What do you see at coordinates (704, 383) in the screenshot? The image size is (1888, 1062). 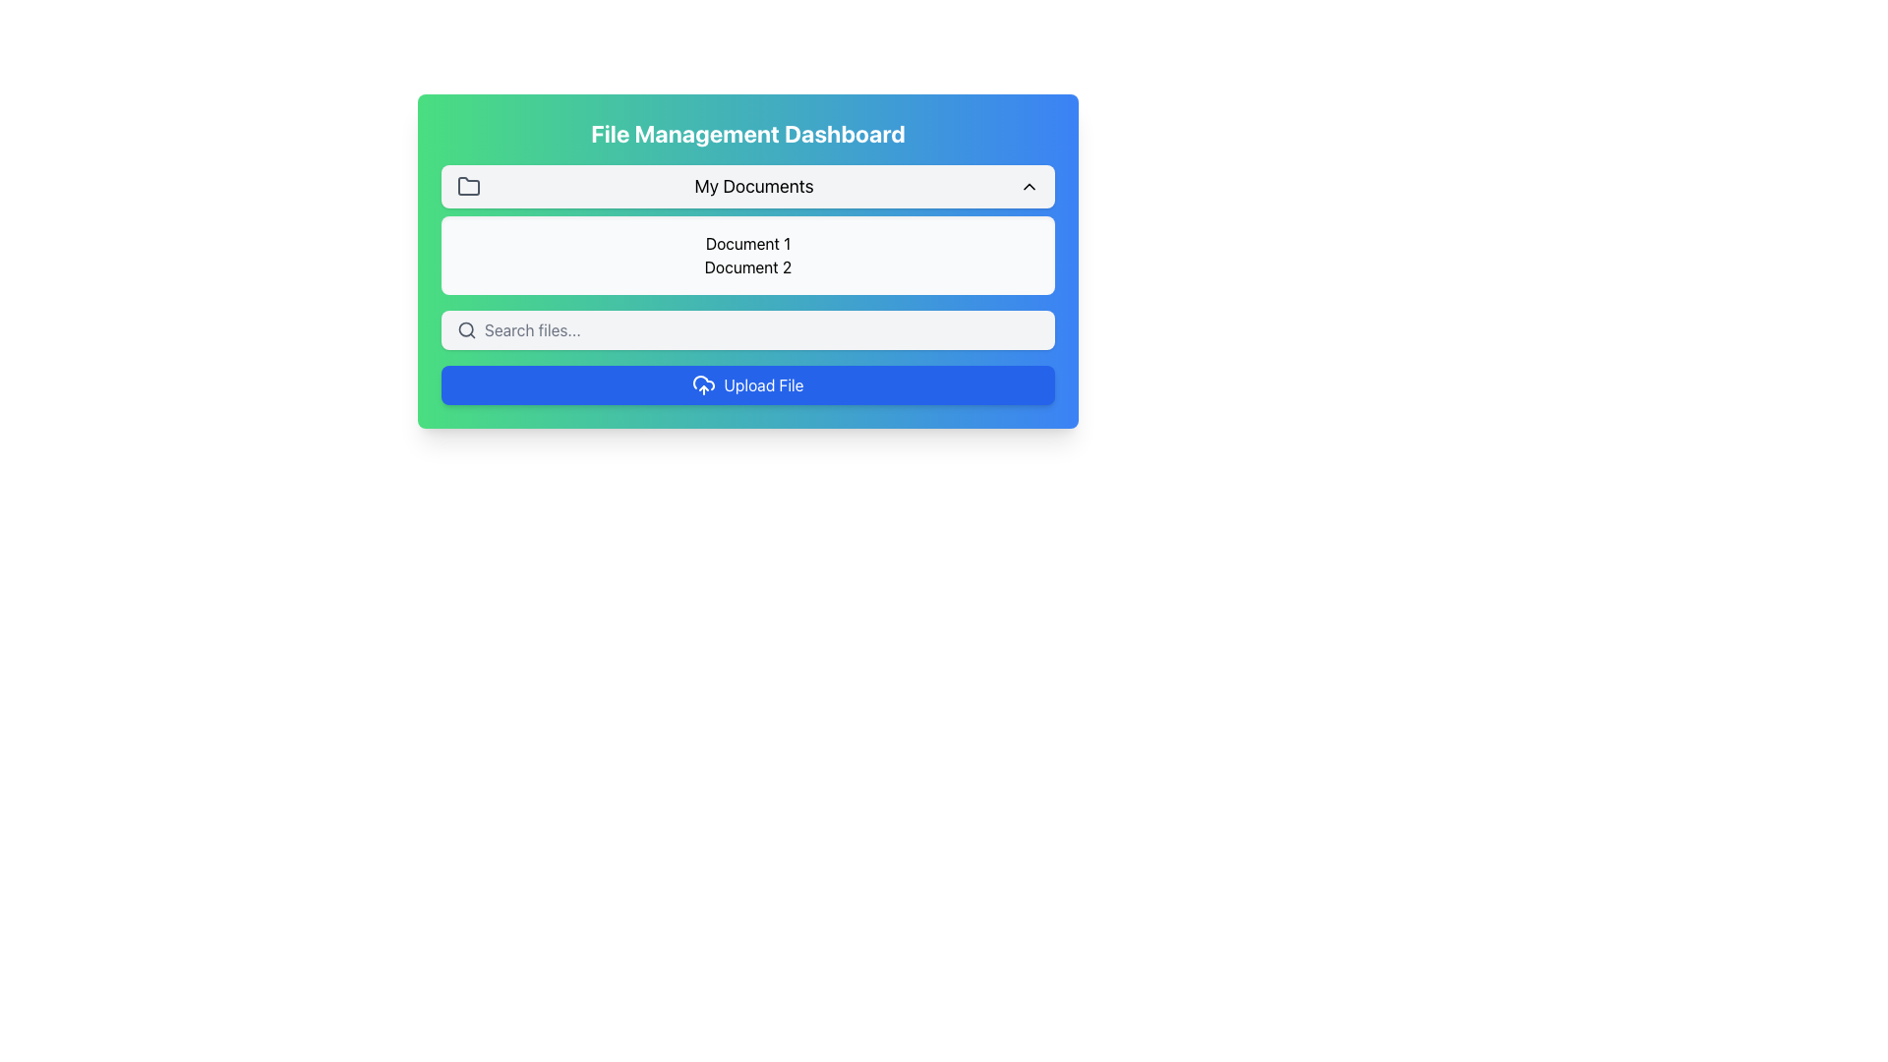 I see `the upload button that contains a cloud-like icon, which is part of a semi-transparent blue button labeled 'Upload File.'` at bounding box center [704, 383].